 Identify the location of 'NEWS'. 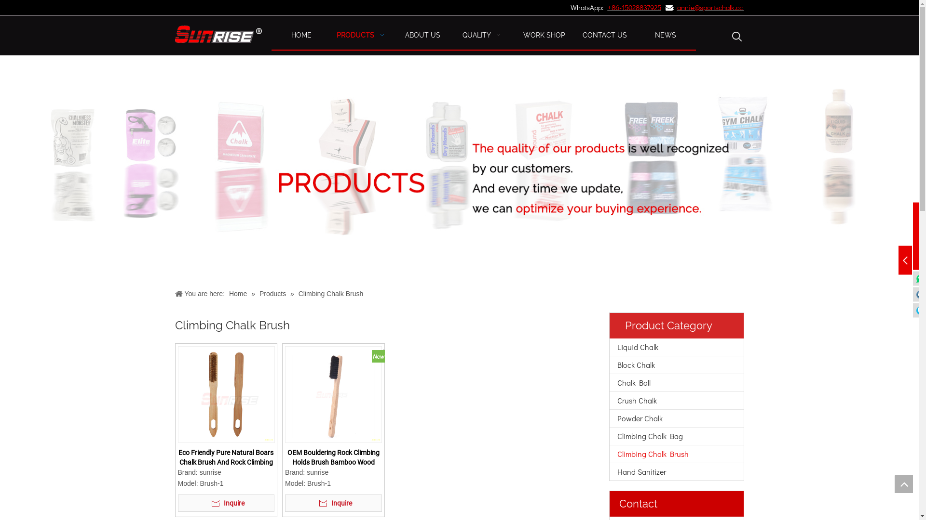
(665, 35).